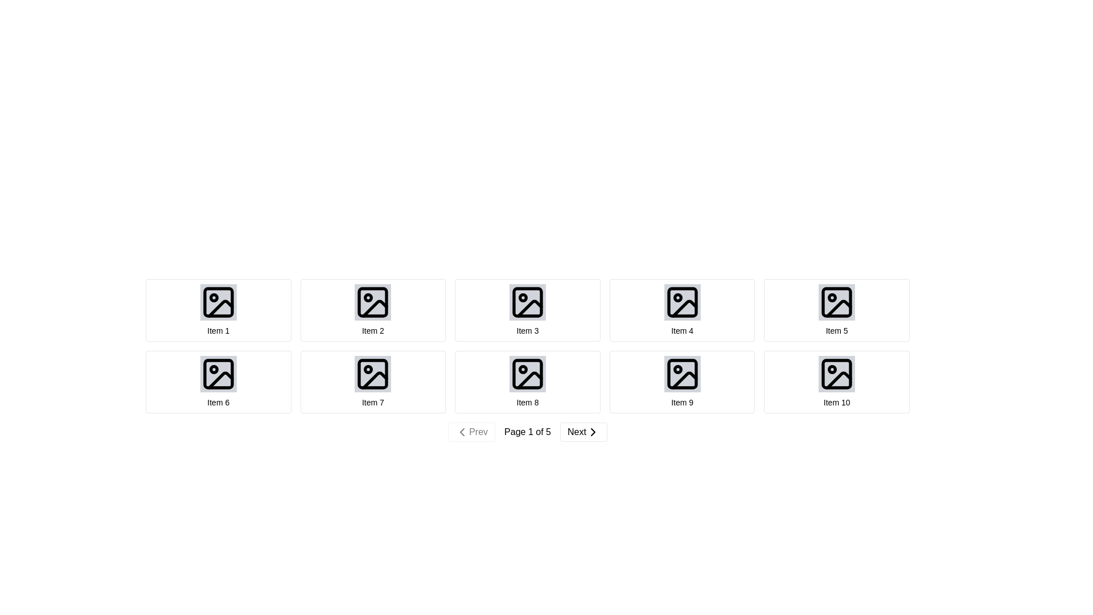  Describe the element at coordinates (368, 297) in the screenshot. I see `the decorative circle located within the image icon of 'Item 2' in the first row of the UI grid` at that location.